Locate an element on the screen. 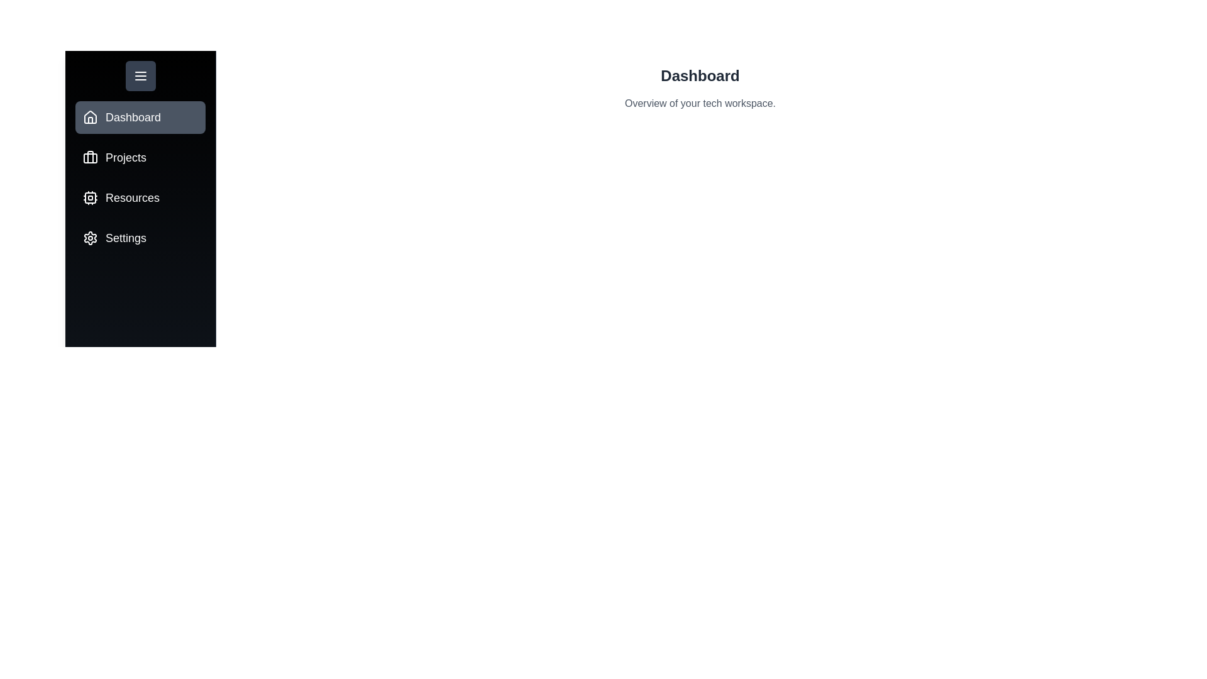 The width and height of the screenshot is (1207, 679). the tab icon for Projects to switch to that tab is located at coordinates (90, 157).